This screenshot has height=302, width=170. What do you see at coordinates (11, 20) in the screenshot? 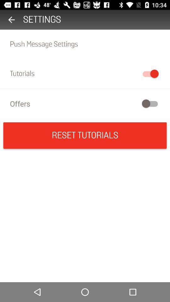
I see `item to the left of the settings icon` at bounding box center [11, 20].